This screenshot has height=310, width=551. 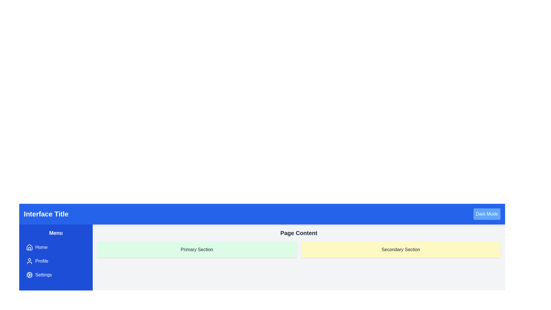 I want to click on the 'Home' icon located in the left-hand navigation bar under the 'Menu' section, so click(x=29, y=247).